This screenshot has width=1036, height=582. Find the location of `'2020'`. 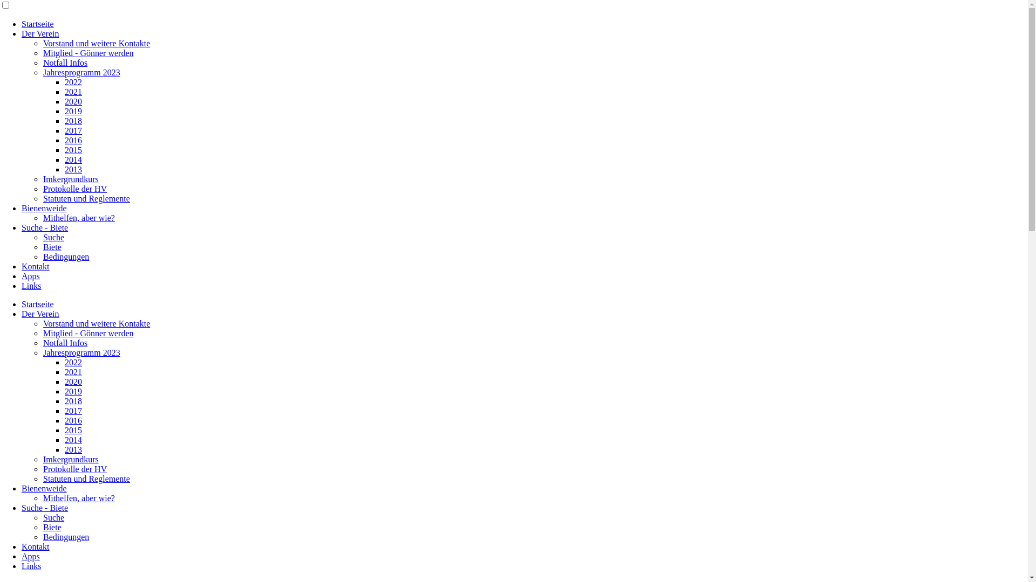

'2020' is located at coordinates (72, 381).